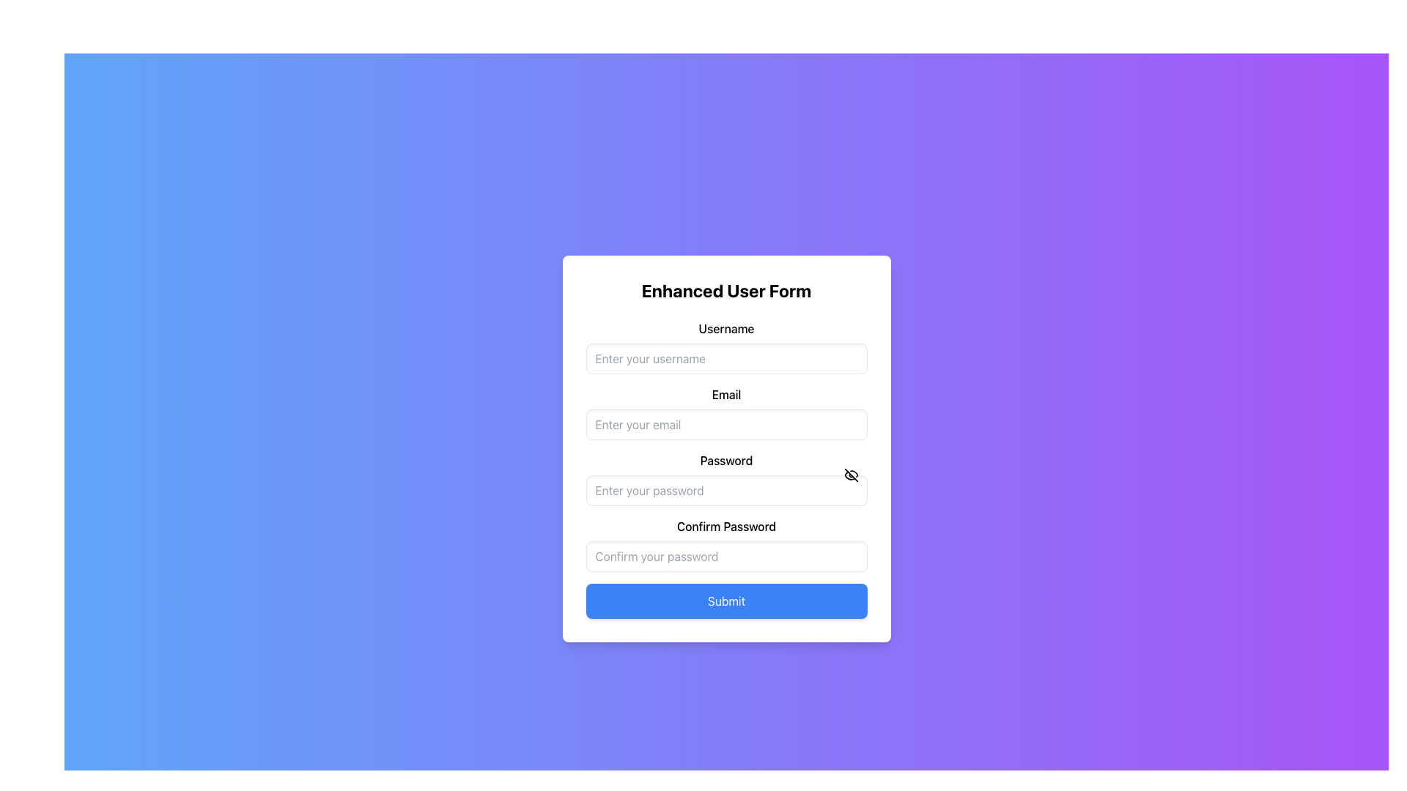 This screenshot has height=791, width=1407. What do you see at coordinates (726, 291) in the screenshot?
I see `the form's purpose` at bounding box center [726, 291].